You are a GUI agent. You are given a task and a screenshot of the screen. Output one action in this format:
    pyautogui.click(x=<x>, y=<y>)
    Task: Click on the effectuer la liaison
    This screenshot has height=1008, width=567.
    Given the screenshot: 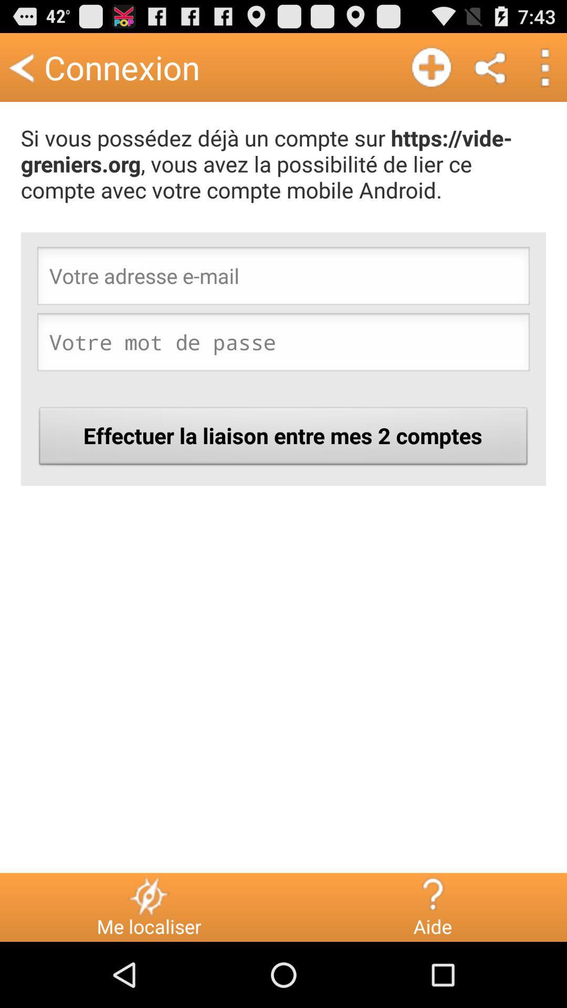 What is the action you would take?
    pyautogui.click(x=283, y=439)
    